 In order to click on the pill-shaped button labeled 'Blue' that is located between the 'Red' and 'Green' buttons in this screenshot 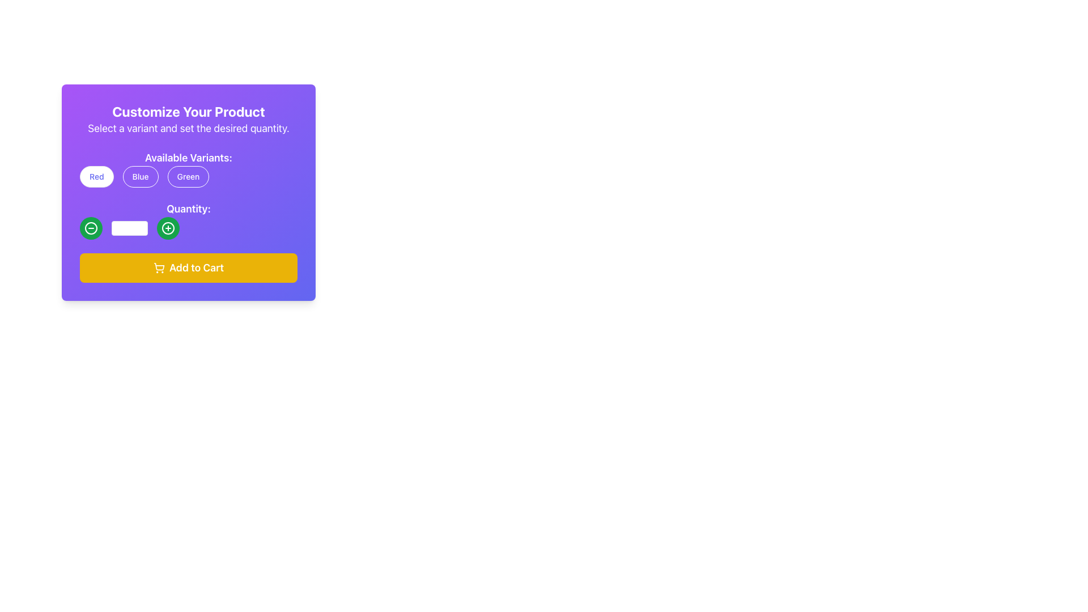, I will do `click(140, 177)`.